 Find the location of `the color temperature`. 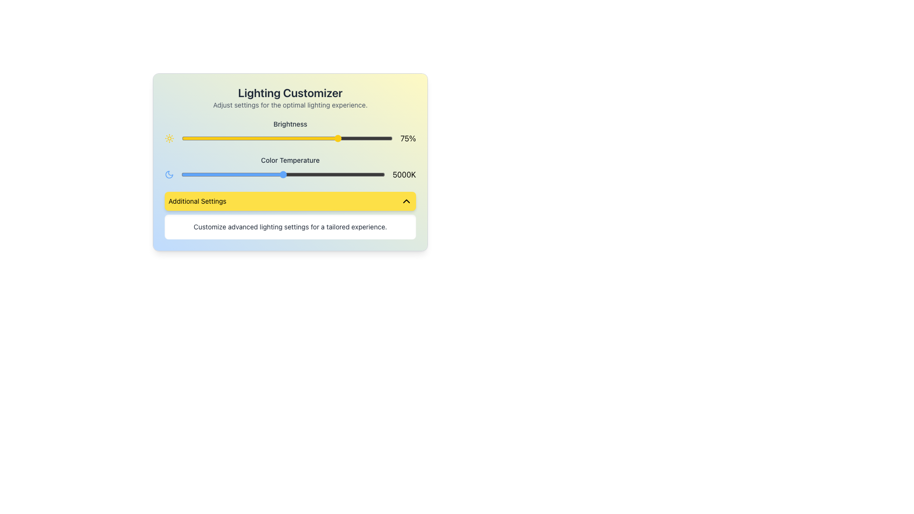

the color temperature is located at coordinates (358, 174).